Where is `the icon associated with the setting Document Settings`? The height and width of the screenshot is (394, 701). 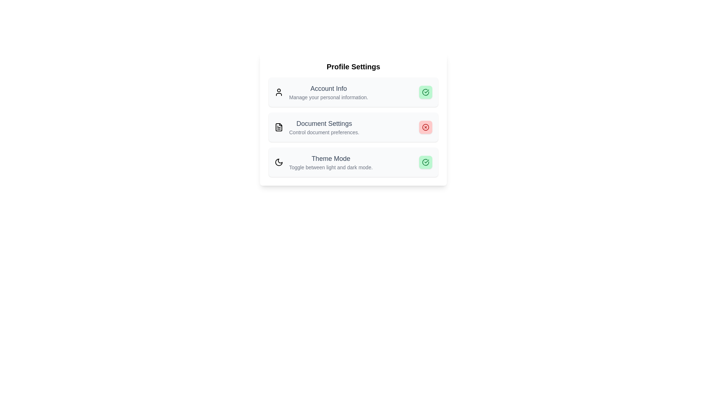 the icon associated with the setting Document Settings is located at coordinates (278, 127).